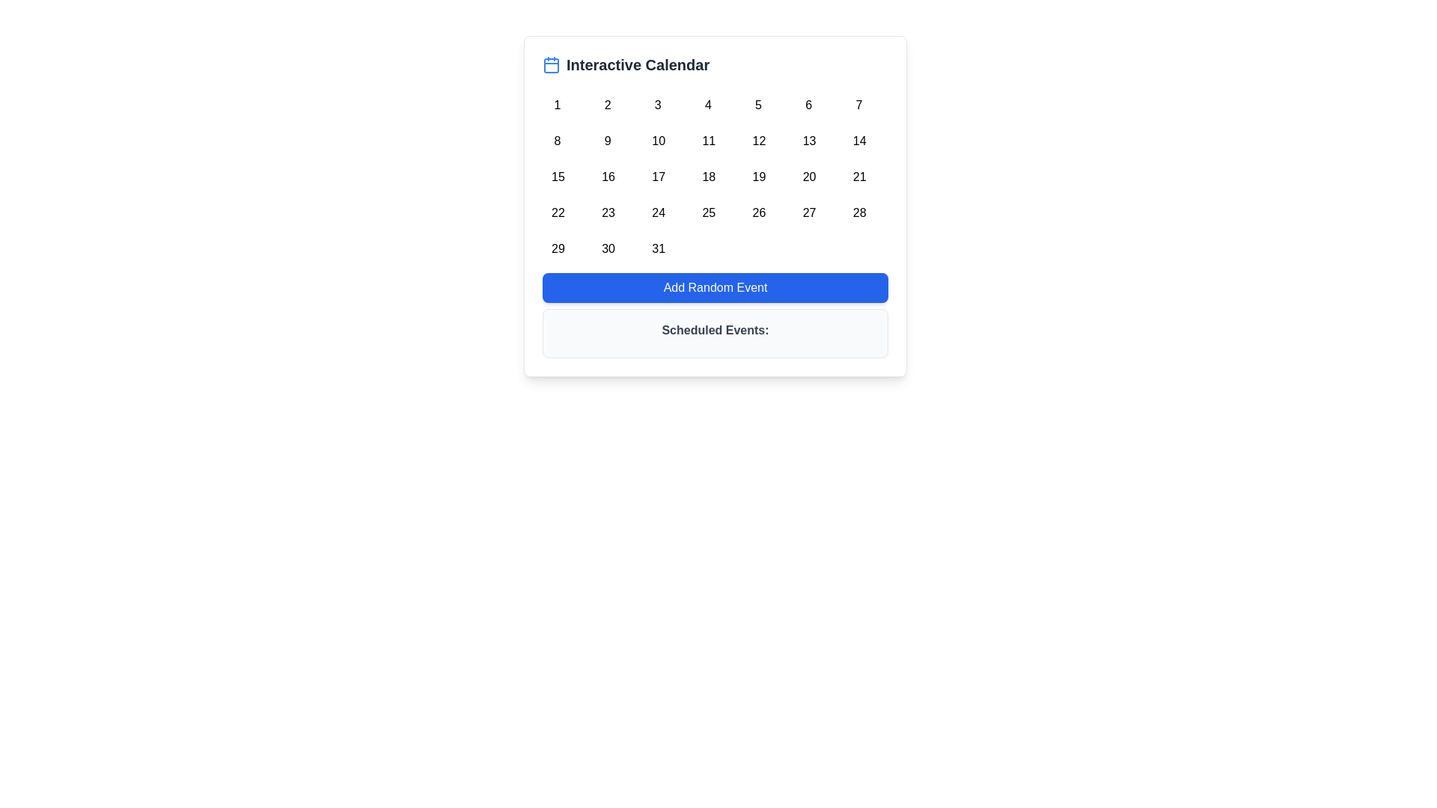  Describe the element at coordinates (658, 245) in the screenshot. I see `the calendar date button for the 31st day located at the bottom row, seventh position in the grid` at that location.